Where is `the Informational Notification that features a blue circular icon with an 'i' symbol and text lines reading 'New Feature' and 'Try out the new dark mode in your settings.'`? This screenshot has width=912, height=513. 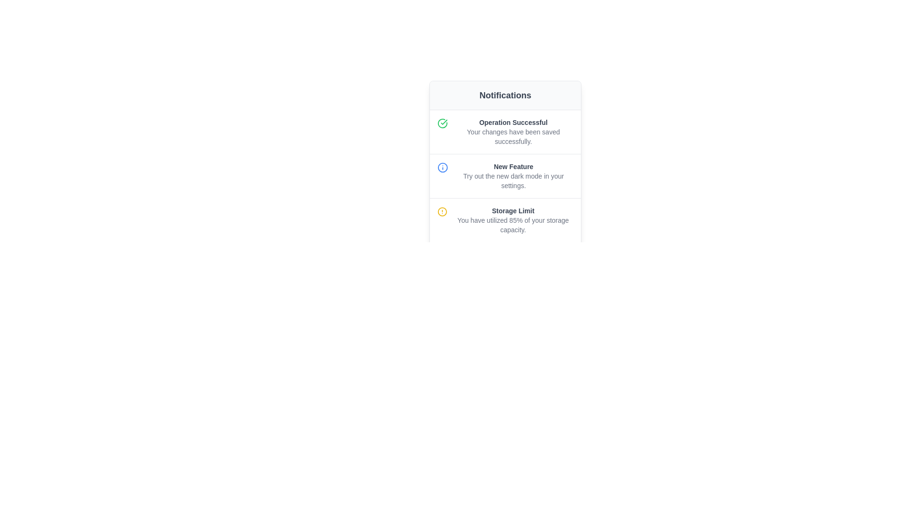
the Informational Notification that features a blue circular icon with an 'i' symbol and text lines reading 'New Feature' and 'Try out the new dark mode in your settings.' is located at coordinates (505, 176).